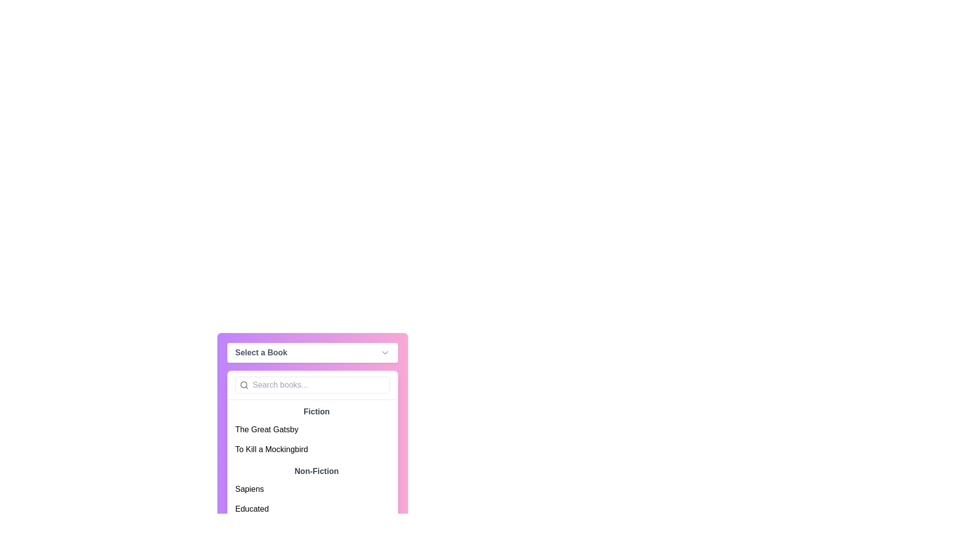  What do you see at coordinates (244, 384) in the screenshot?
I see `the circular magnifying glass icon located within the search input box labeled 'Search books...'` at bounding box center [244, 384].